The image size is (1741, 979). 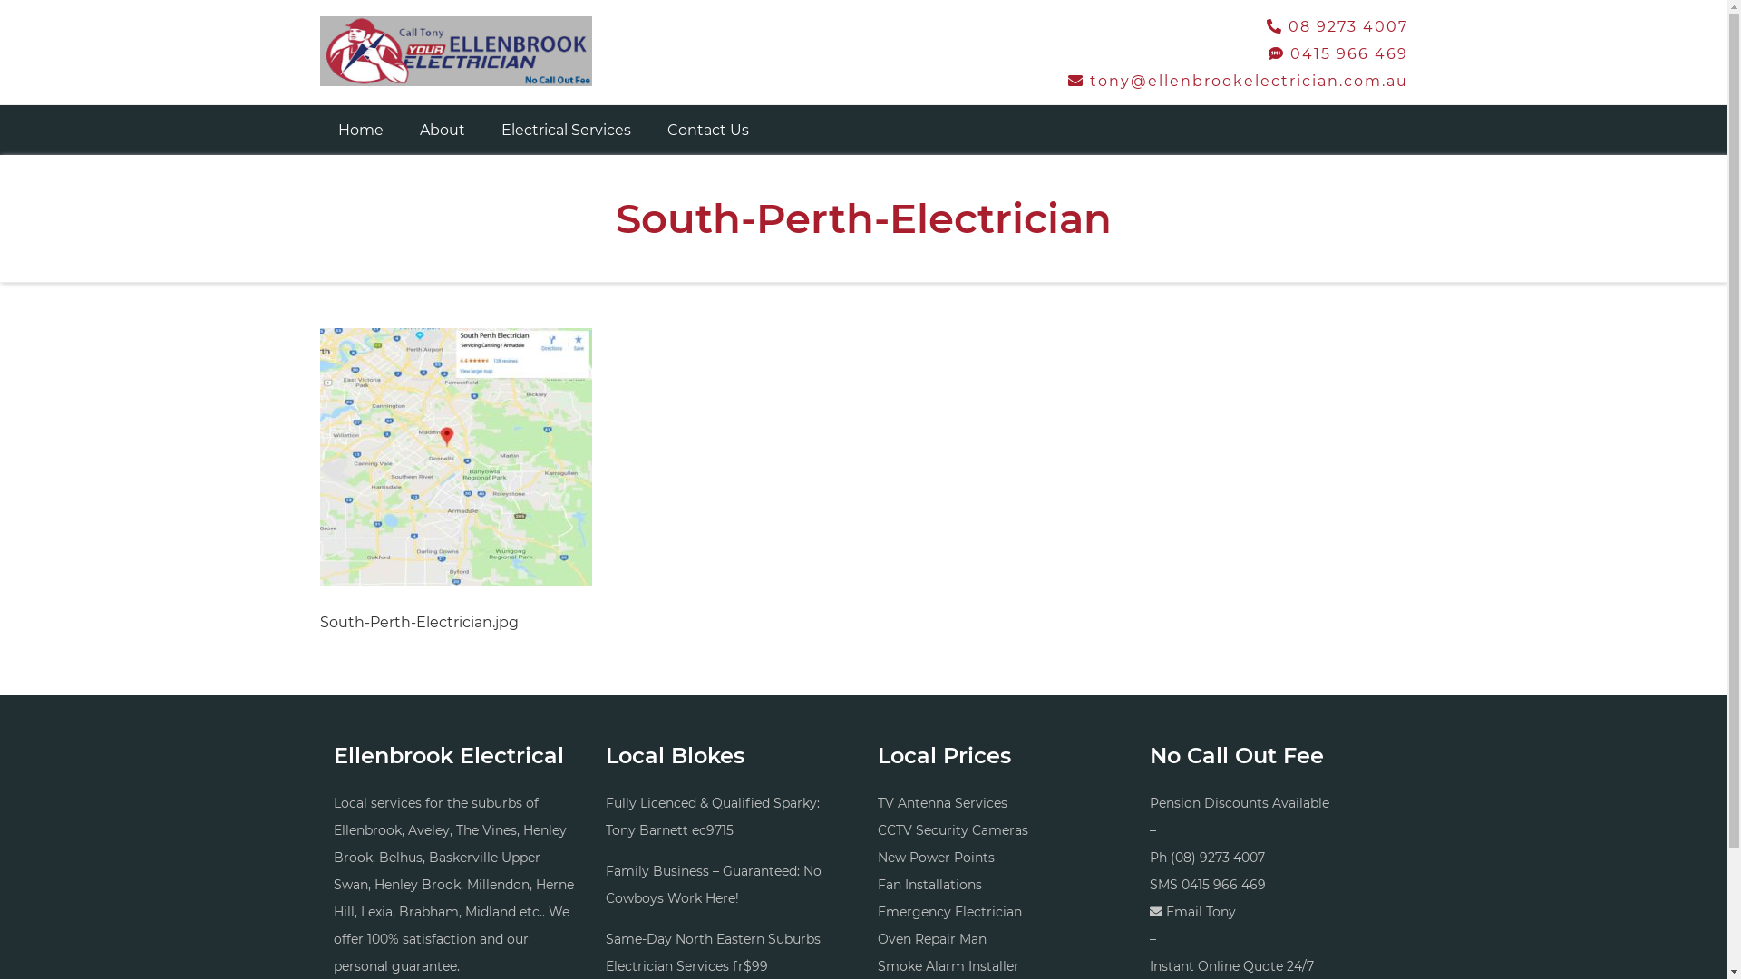 I want to click on 'Home', so click(x=360, y=129).